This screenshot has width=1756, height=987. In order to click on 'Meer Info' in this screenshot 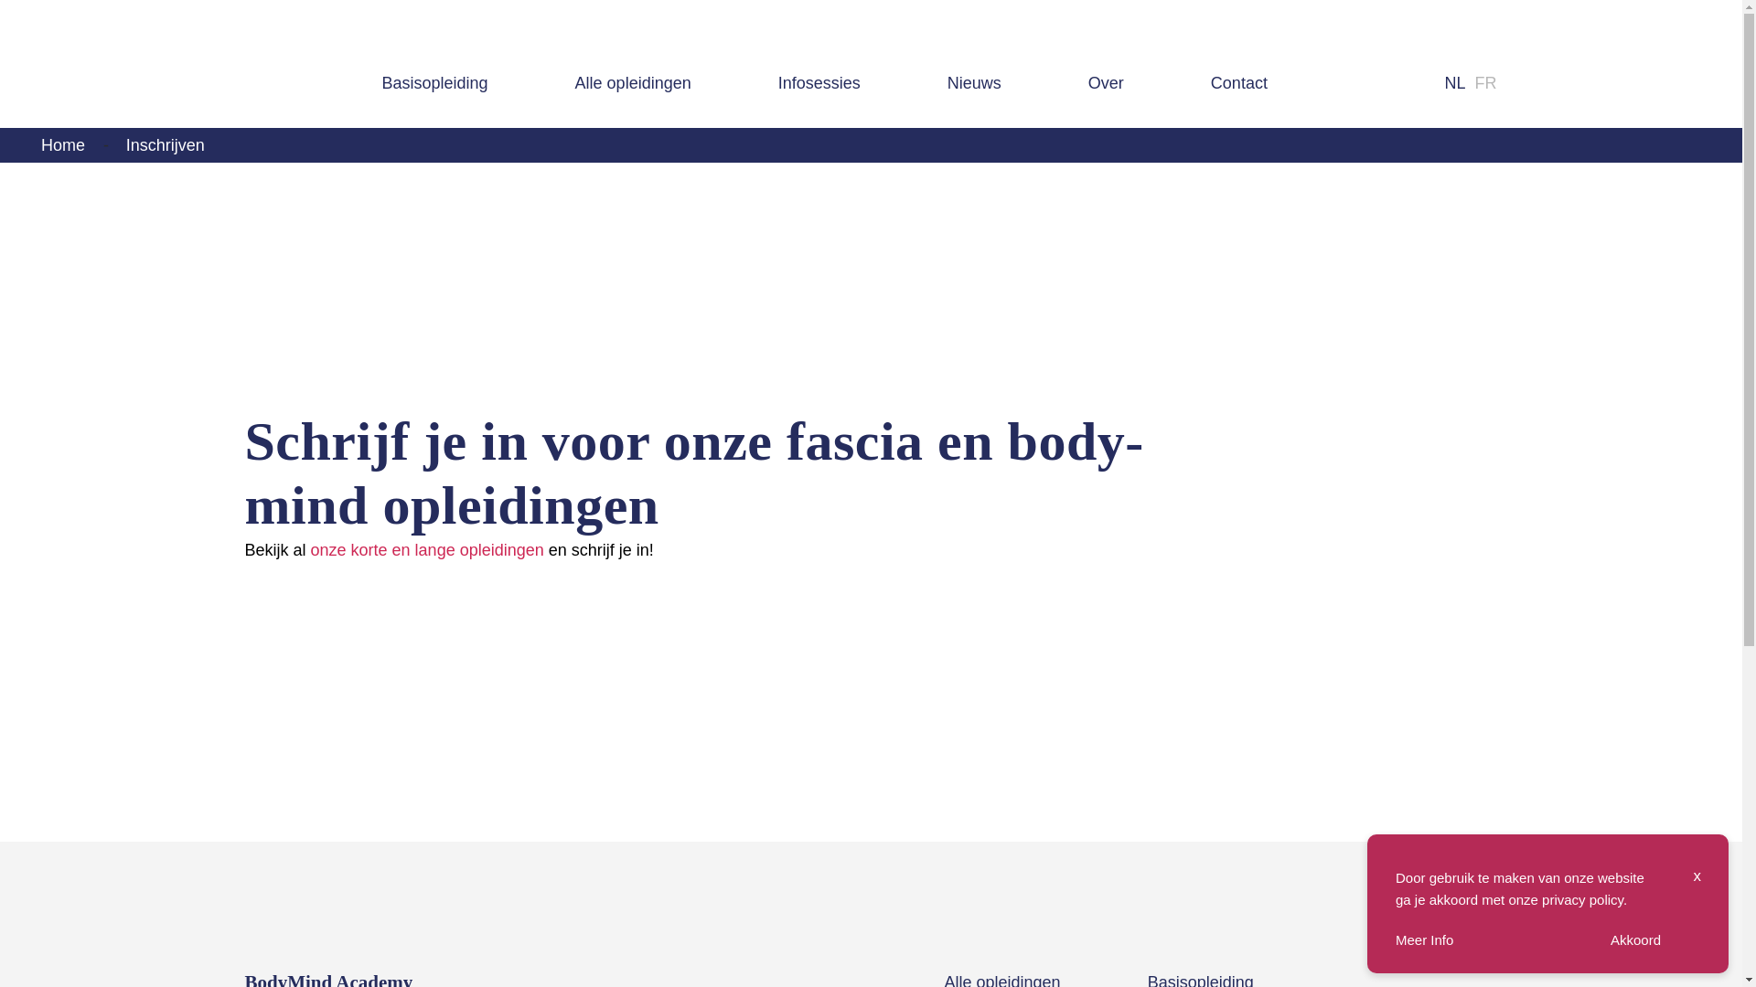, I will do `click(1423, 940)`.